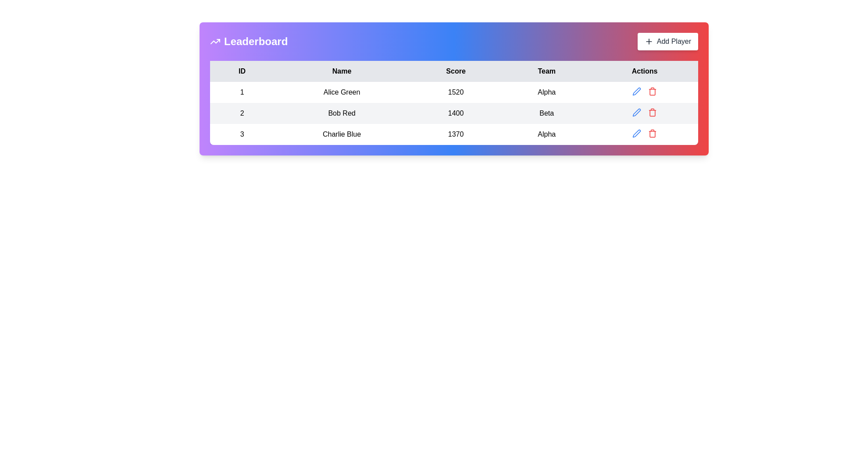  Describe the element at coordinates (456, 113) in the screenshot. I see `the score value text label for the entry 'Bob Red'` at that location.